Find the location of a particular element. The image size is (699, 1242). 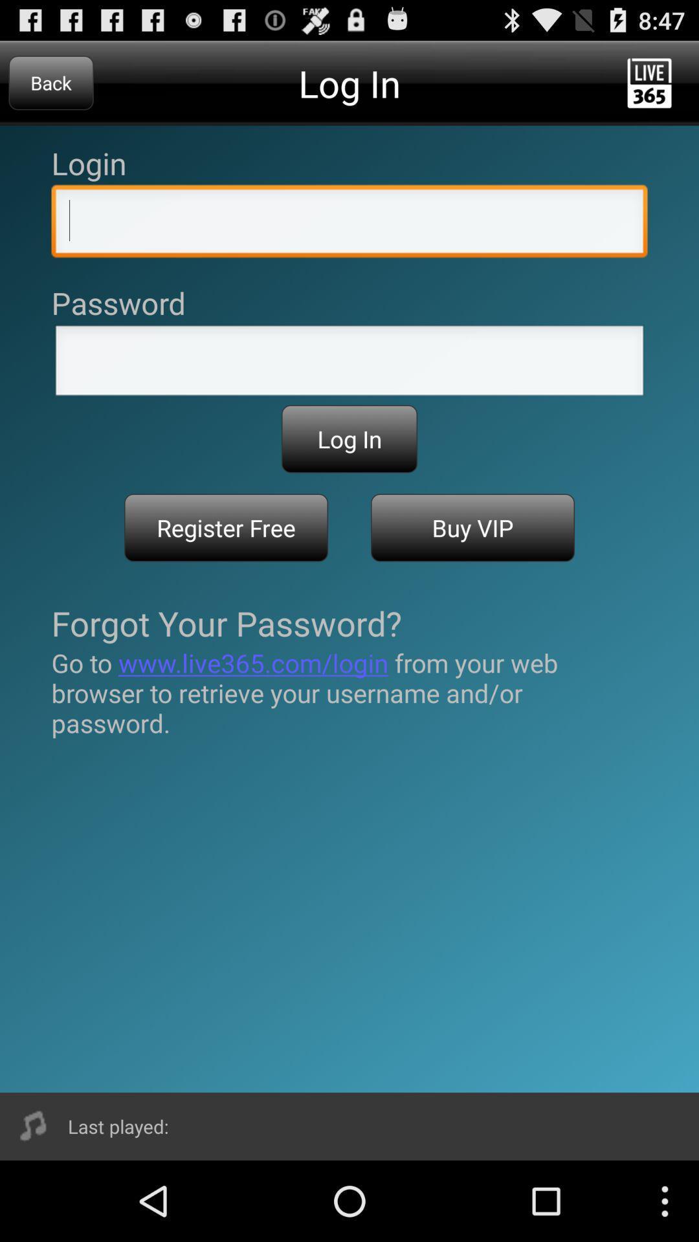

the icon next to the buy vip item is located at coordinates (225, 528).